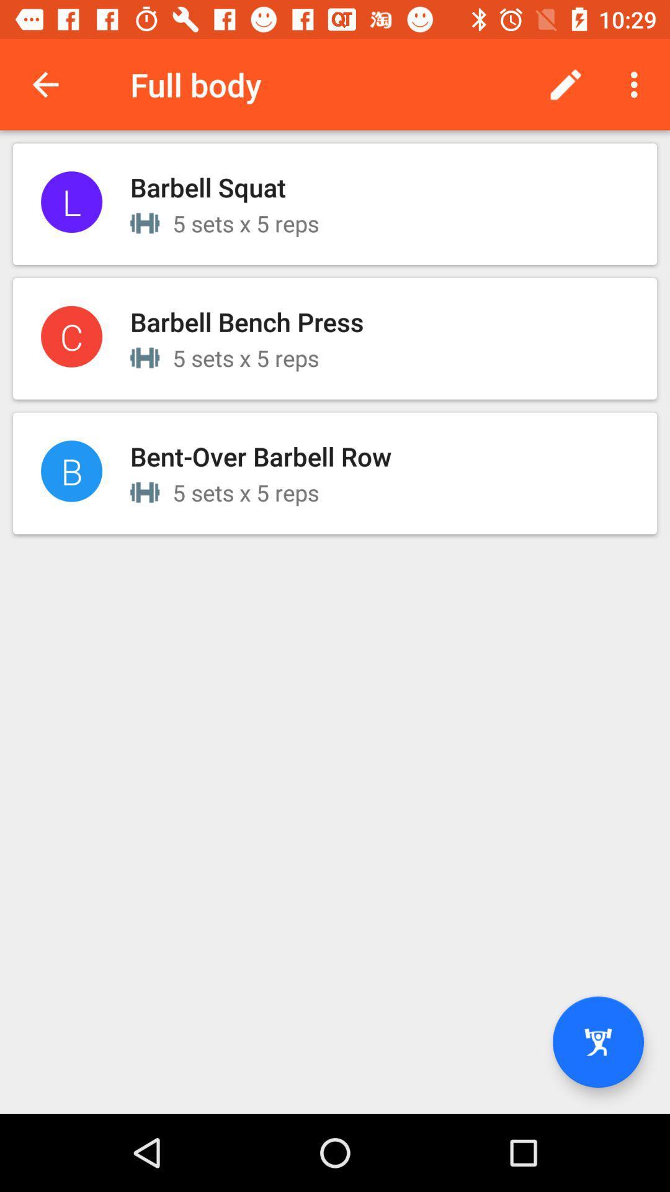  I want to click on the icon to the left of full body, so click(45, 84).